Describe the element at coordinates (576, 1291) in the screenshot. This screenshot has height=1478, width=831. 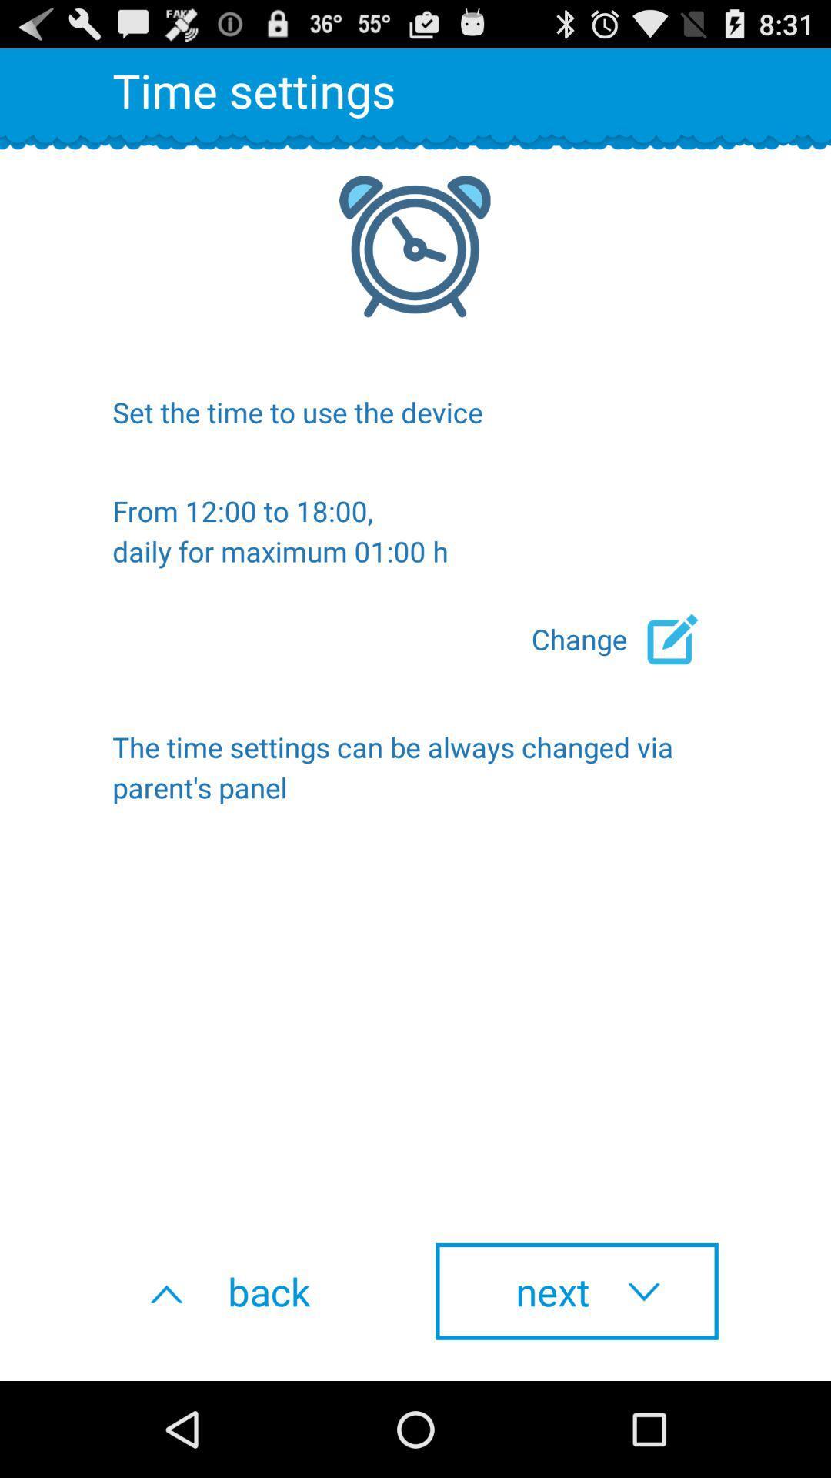
I see `the icon to the right of the back` at that location.